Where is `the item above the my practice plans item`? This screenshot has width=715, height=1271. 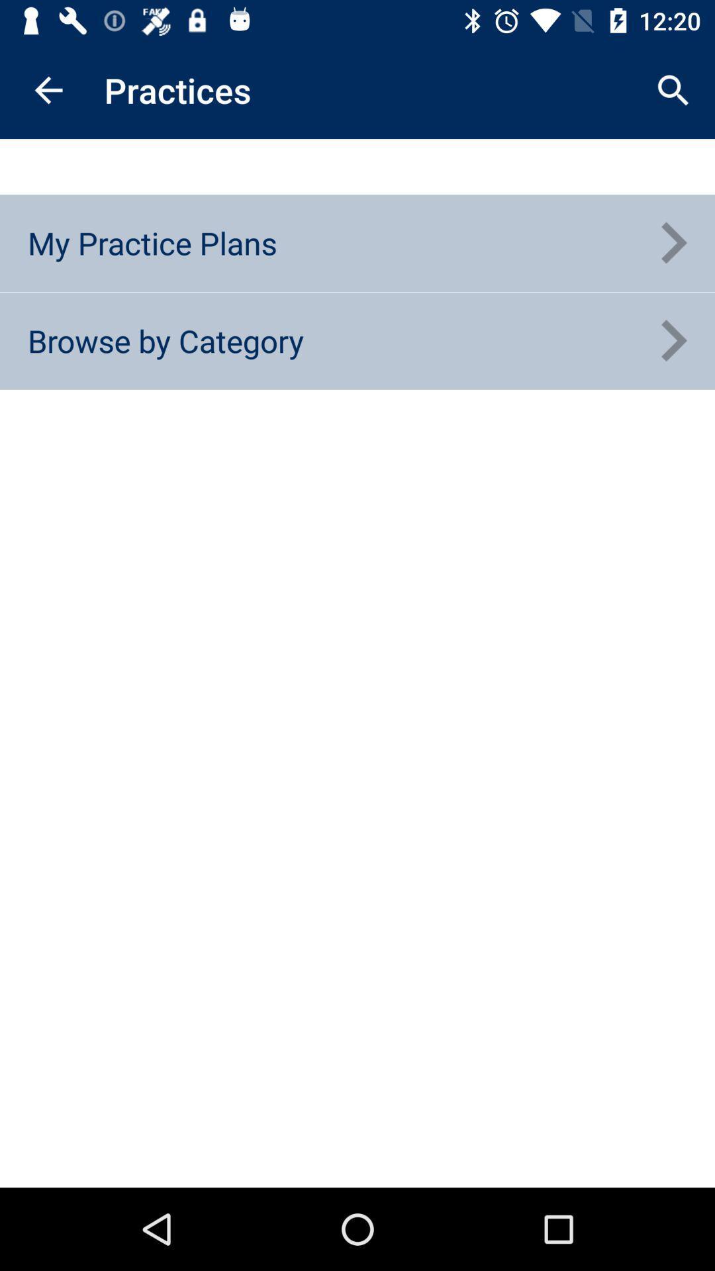 the item above the my practice plans item is located at coordinates (48, 89).